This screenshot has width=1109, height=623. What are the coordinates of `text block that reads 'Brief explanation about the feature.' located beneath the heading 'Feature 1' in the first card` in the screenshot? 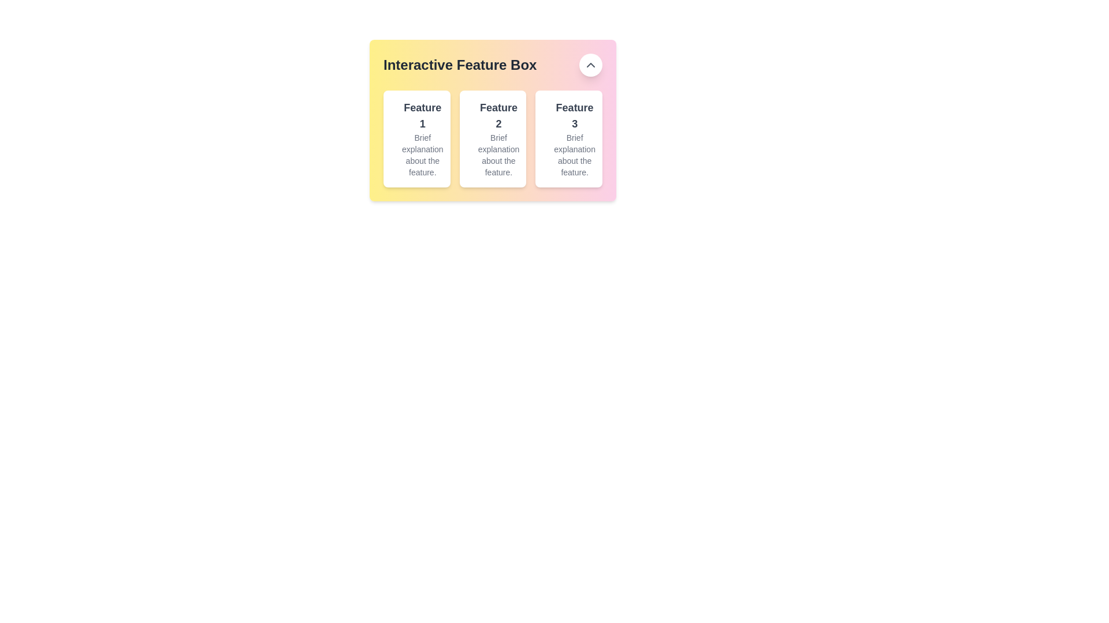 It's located at (422, 155).